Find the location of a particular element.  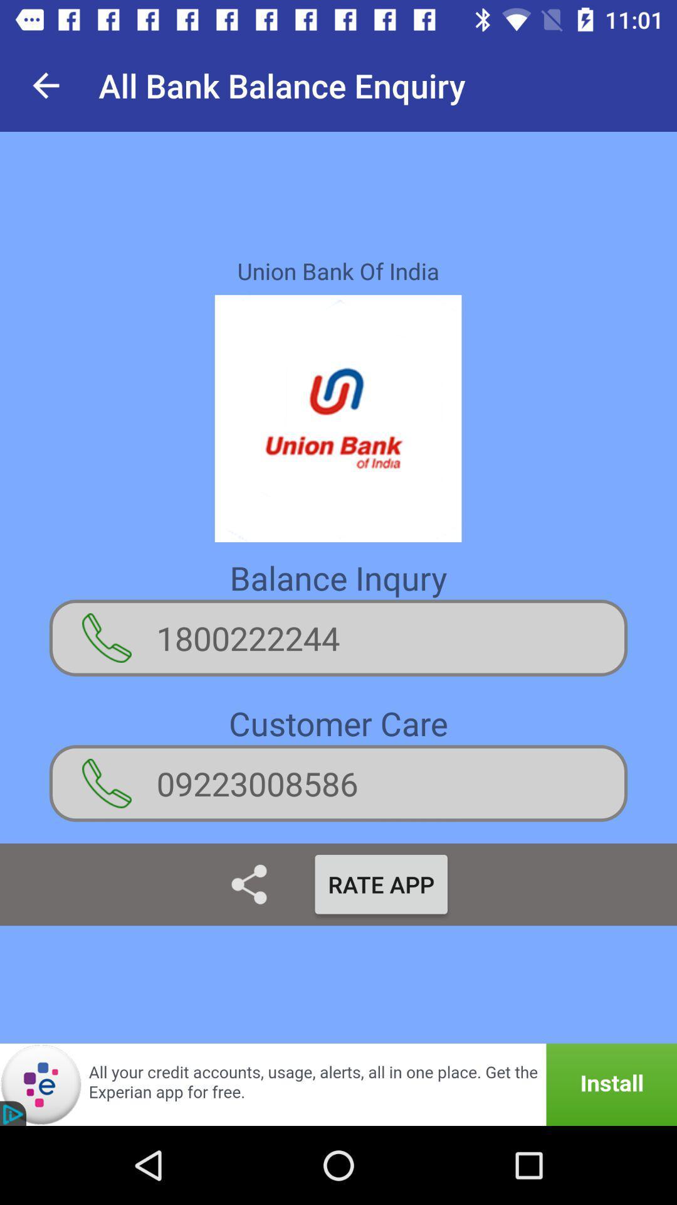

icon above union bank of is located at coordinates (45, 85).